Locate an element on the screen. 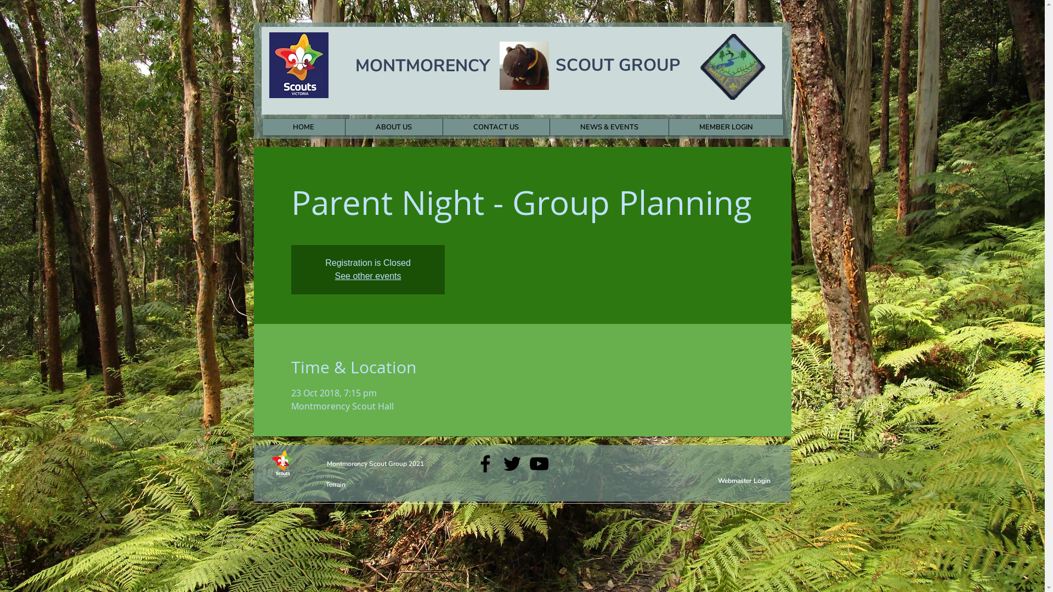 This screenshot has width=1053, height=592. 'Terrain ' is located at coordinates (336, 483).